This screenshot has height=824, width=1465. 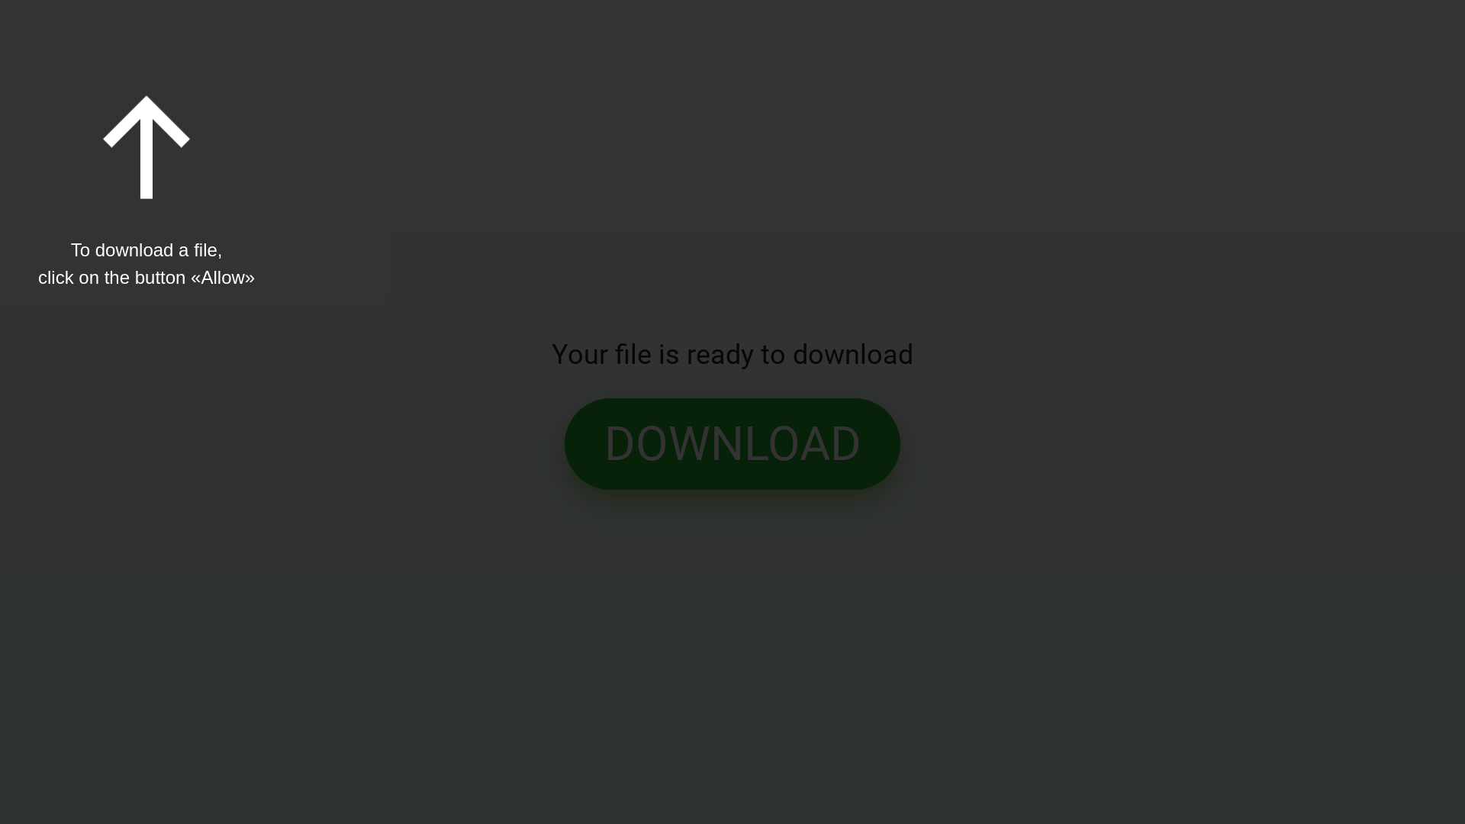 I want to click on 'DOWNLOAD', so click(x=732, y=444).